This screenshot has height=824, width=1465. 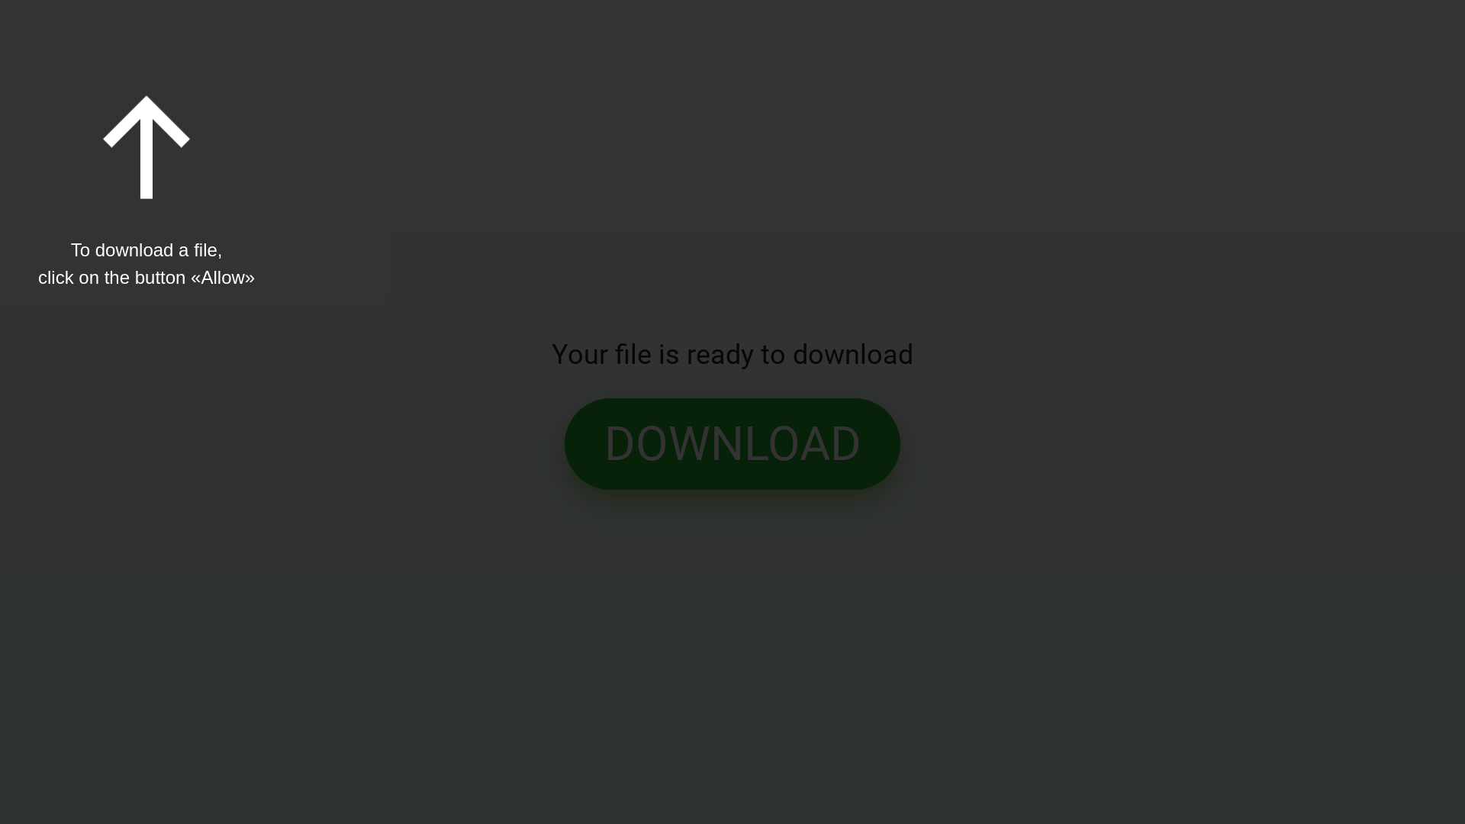 I want to click on 'DOWNLOAD', so click(x=732, y=444).